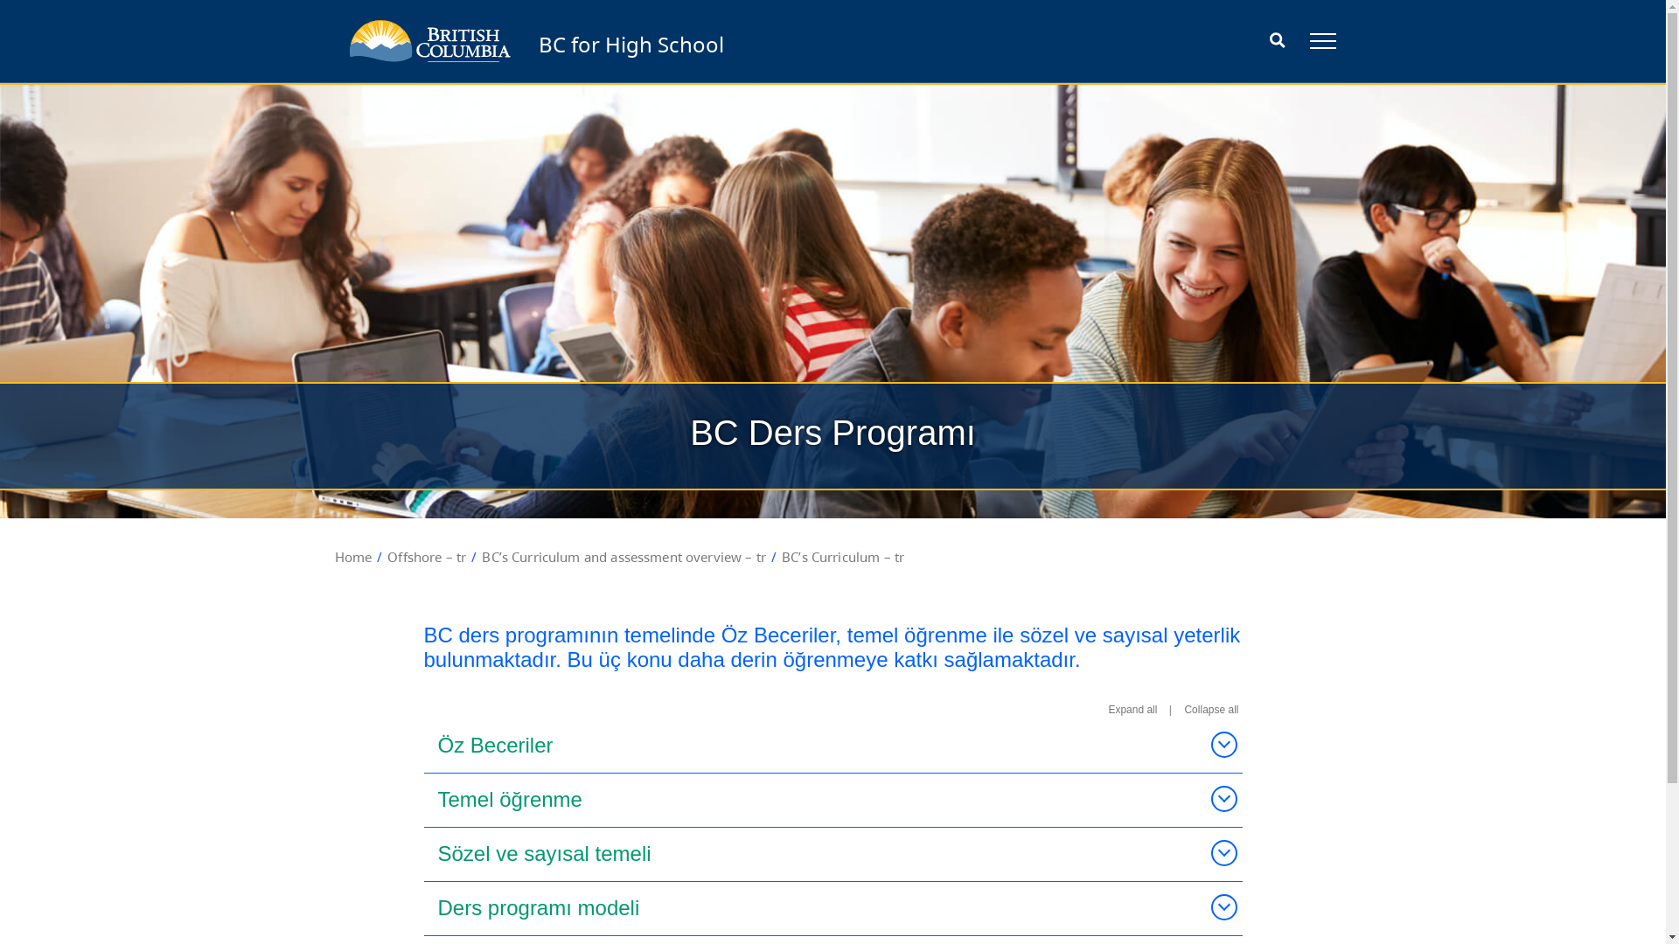 The image size is (1679, 944). Describe the element at coordinates (1210, 710) in the screenshot. I see `'Collapse all'` at that location.